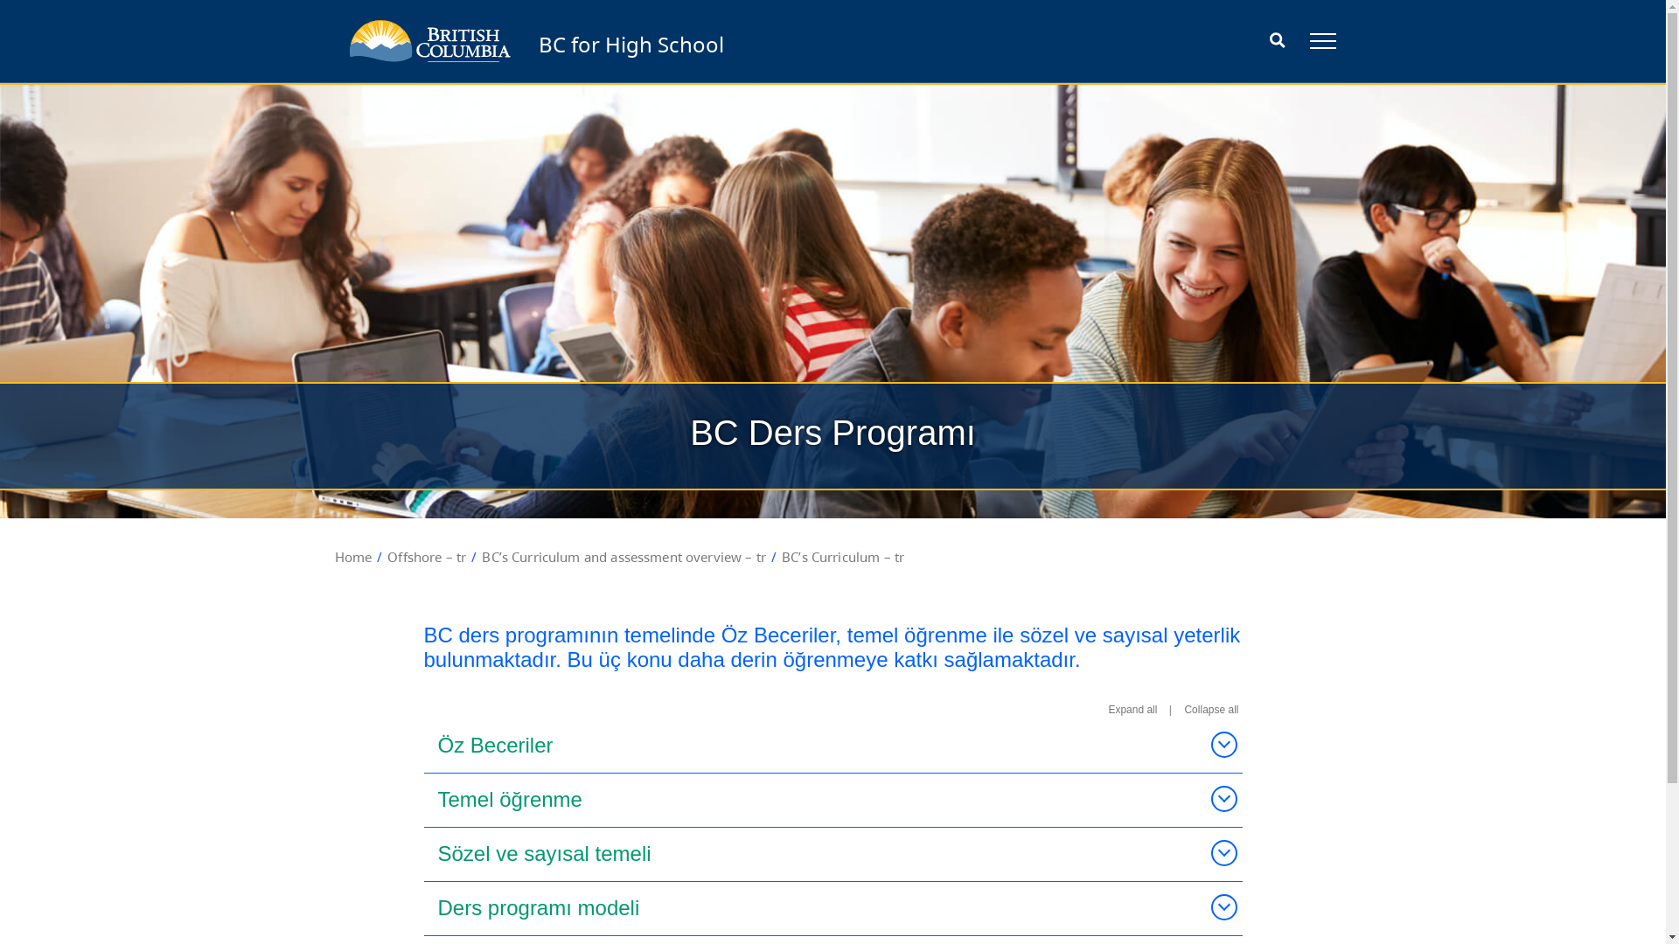 The image size is (1679, 944). Describe the element at coordinates (1210, 710) in the screenshot. I see `'Collapse all'` at that location.